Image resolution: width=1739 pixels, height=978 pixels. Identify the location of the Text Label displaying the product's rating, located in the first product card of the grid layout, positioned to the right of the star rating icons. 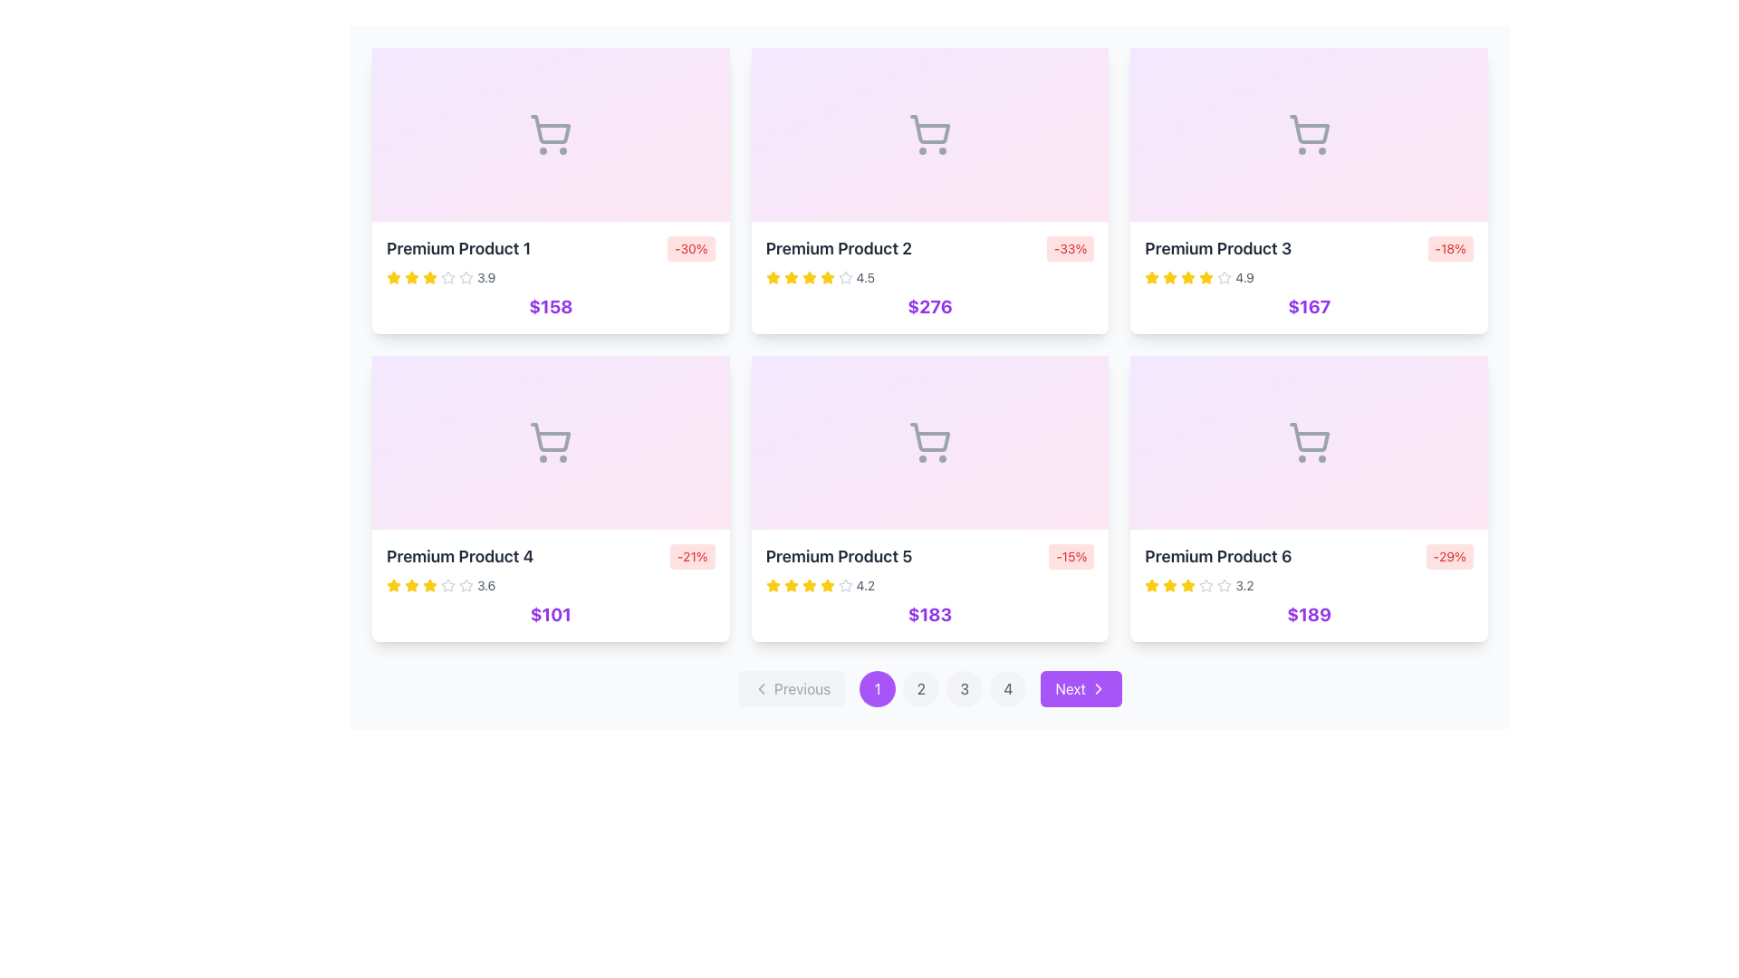
(486, 278).